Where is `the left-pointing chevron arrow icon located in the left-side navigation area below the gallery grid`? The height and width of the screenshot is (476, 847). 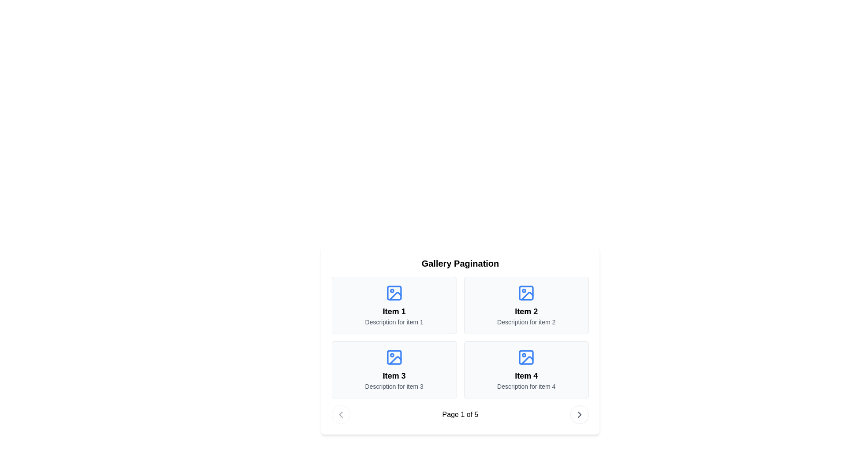 the left-pointing chevron arrow icon located in the left-side navigation area below the gallery grid is located at coordinates (340, 415).